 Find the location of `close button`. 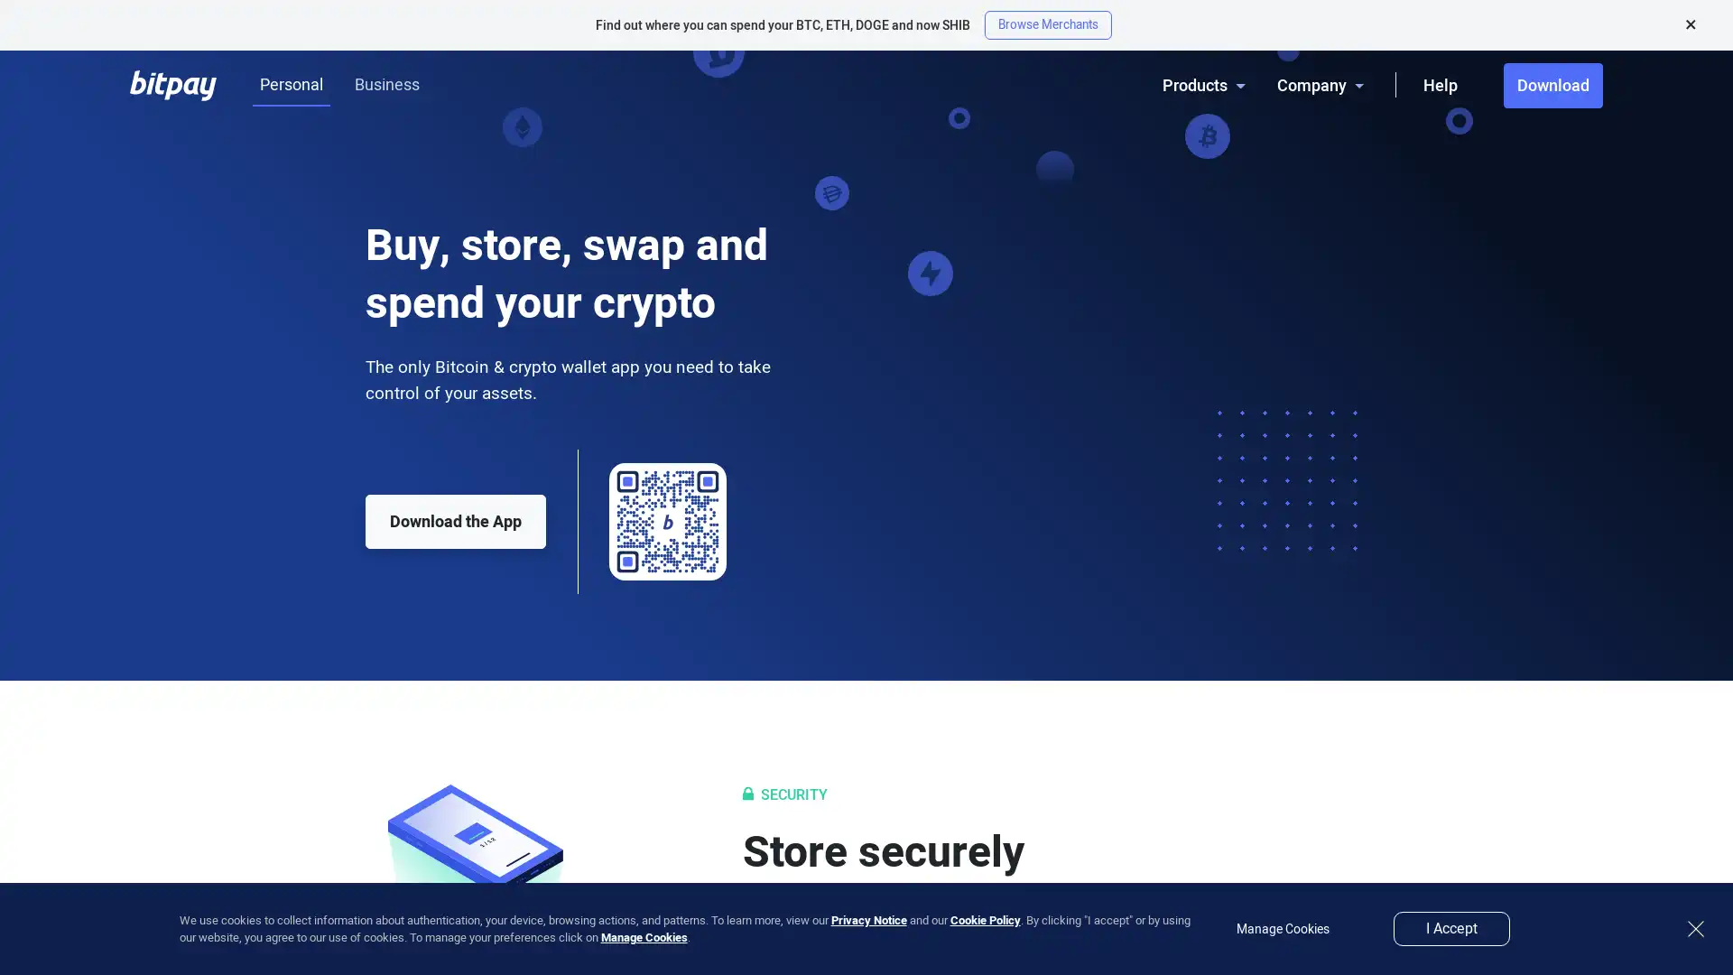

close button is located at coordinates (1694, 929).